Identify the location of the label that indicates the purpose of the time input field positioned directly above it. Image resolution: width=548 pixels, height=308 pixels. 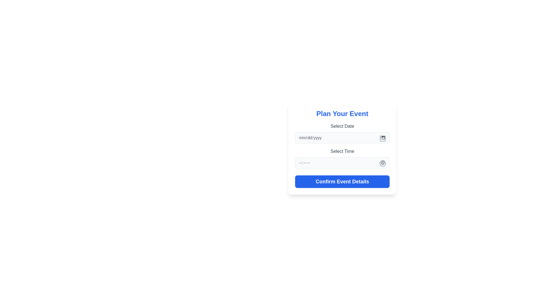
(342, 151).